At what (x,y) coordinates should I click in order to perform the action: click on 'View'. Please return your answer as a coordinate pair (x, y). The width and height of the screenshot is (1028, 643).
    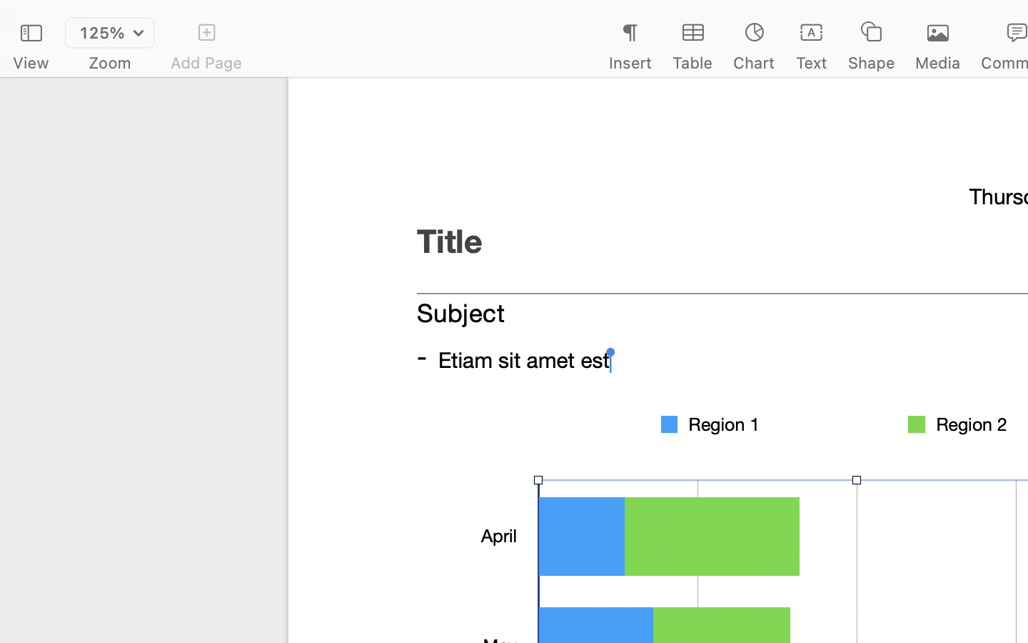
    Looking at the image, I should click on (30, 62).